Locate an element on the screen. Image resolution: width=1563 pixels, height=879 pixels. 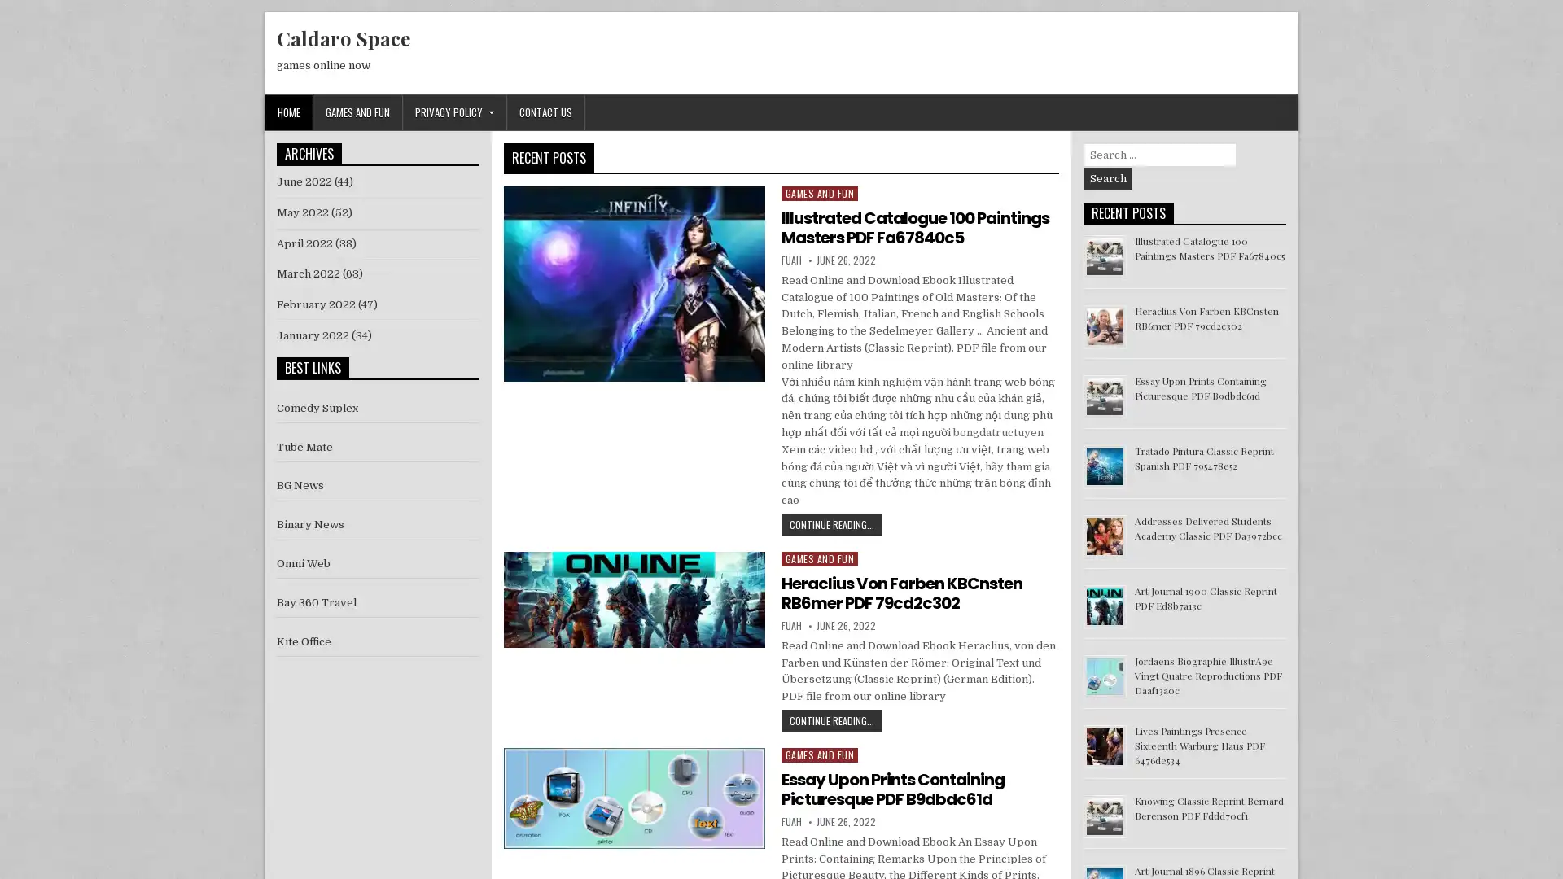
Search is located at coordinates (1107, 178).